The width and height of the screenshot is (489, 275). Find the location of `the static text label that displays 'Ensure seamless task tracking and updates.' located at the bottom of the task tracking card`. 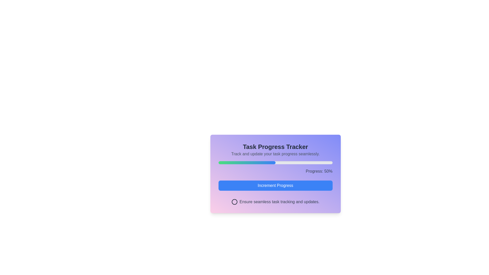

the static text label that displays 'Ensure seamless task tracking and updates.' located at the bottom of the task tracking card is located at coordinates (275, 202).